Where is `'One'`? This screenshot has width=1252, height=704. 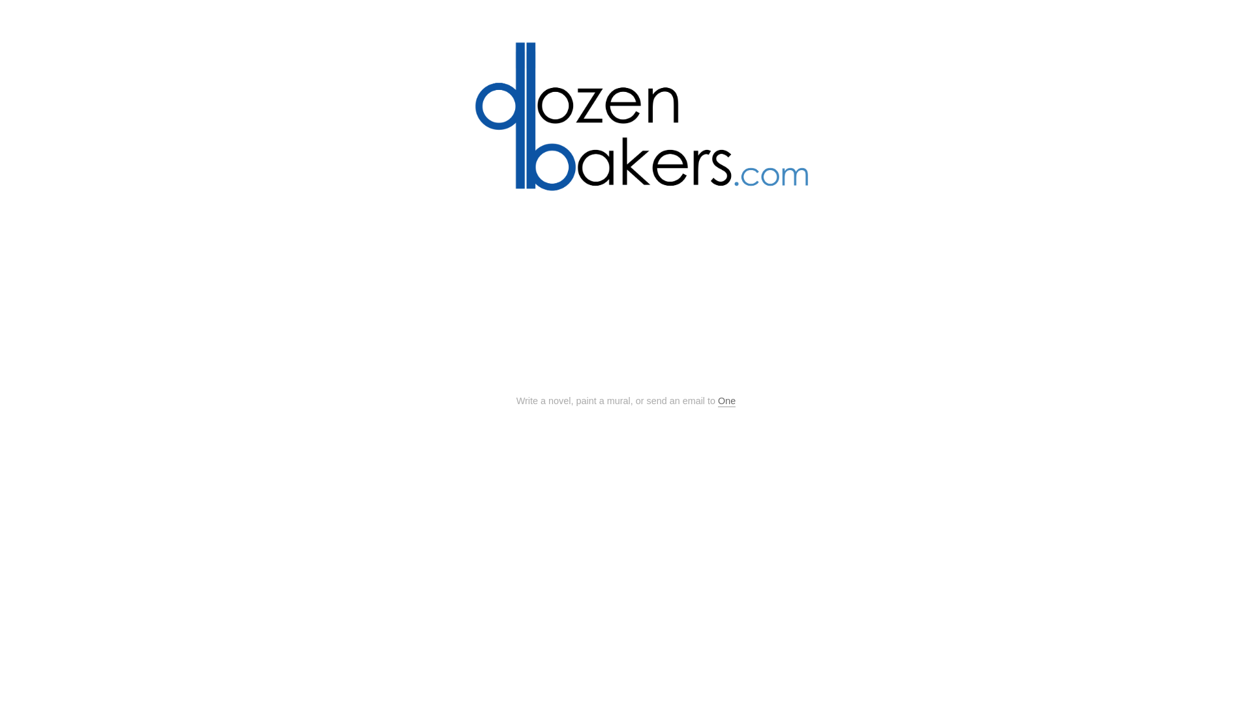 'One' is located at coordinates (726, 401).